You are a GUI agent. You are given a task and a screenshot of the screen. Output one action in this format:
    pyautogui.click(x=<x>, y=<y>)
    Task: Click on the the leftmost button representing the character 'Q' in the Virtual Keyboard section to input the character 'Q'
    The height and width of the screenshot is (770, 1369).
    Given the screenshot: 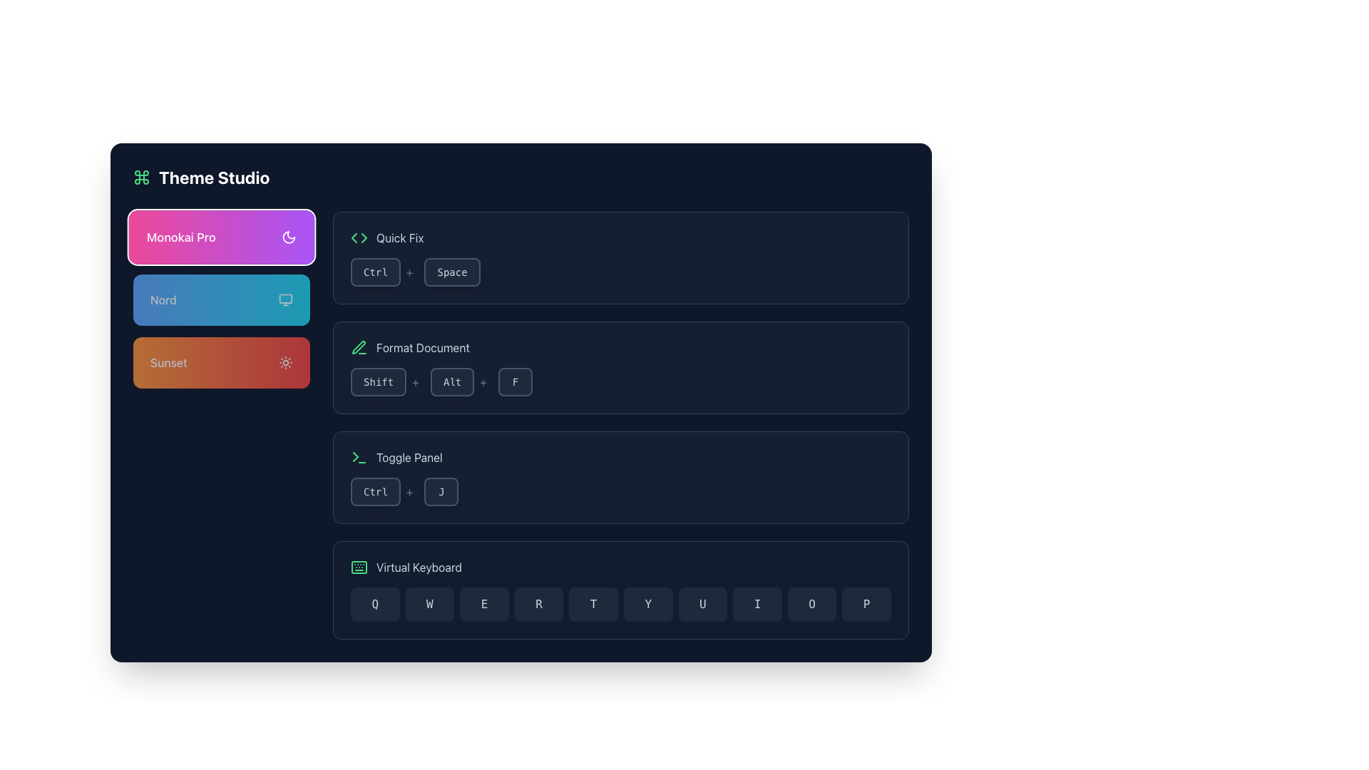 What is the action you would take?
    pyautogui.click(x=375, y=605)
    